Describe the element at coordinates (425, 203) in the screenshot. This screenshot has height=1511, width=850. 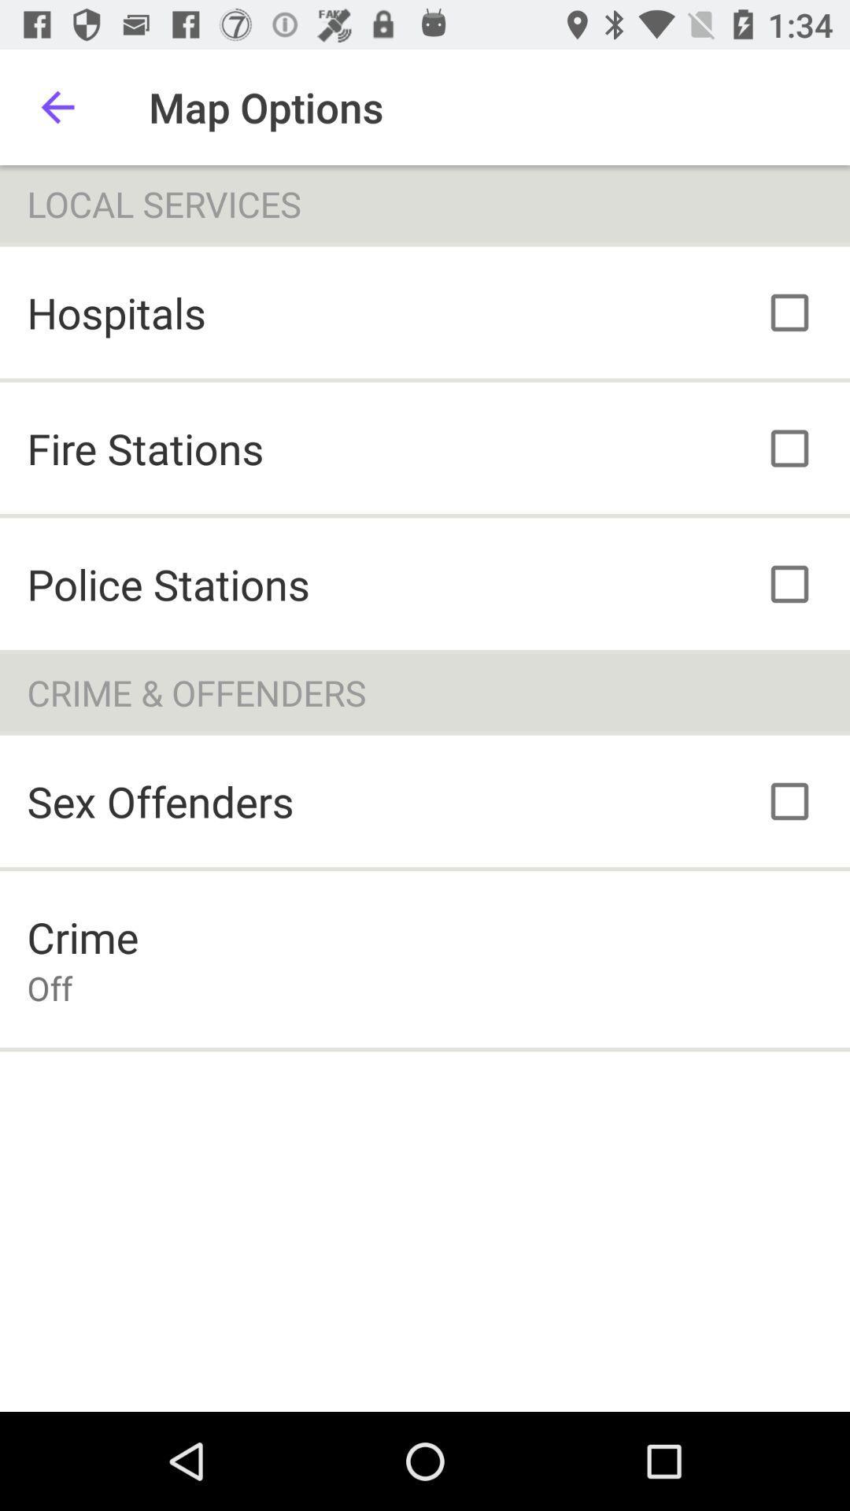
I see `the local services` at that location.